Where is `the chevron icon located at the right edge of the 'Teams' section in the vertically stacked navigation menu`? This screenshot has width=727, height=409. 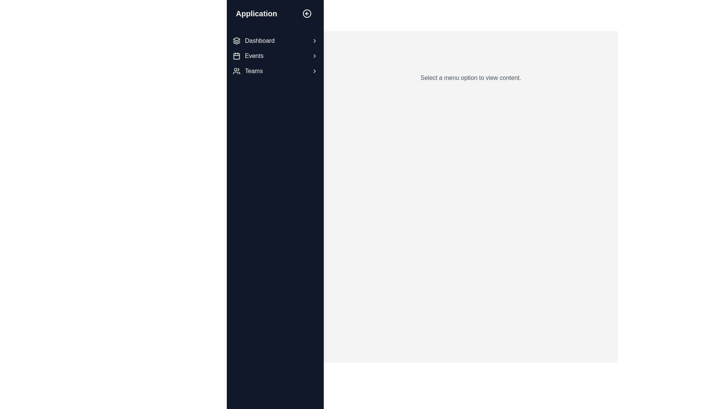
the chevron icon located at the right edge of the 'Teams' section in the vertically stacked navigation menu is located at coordinates (314, 71).